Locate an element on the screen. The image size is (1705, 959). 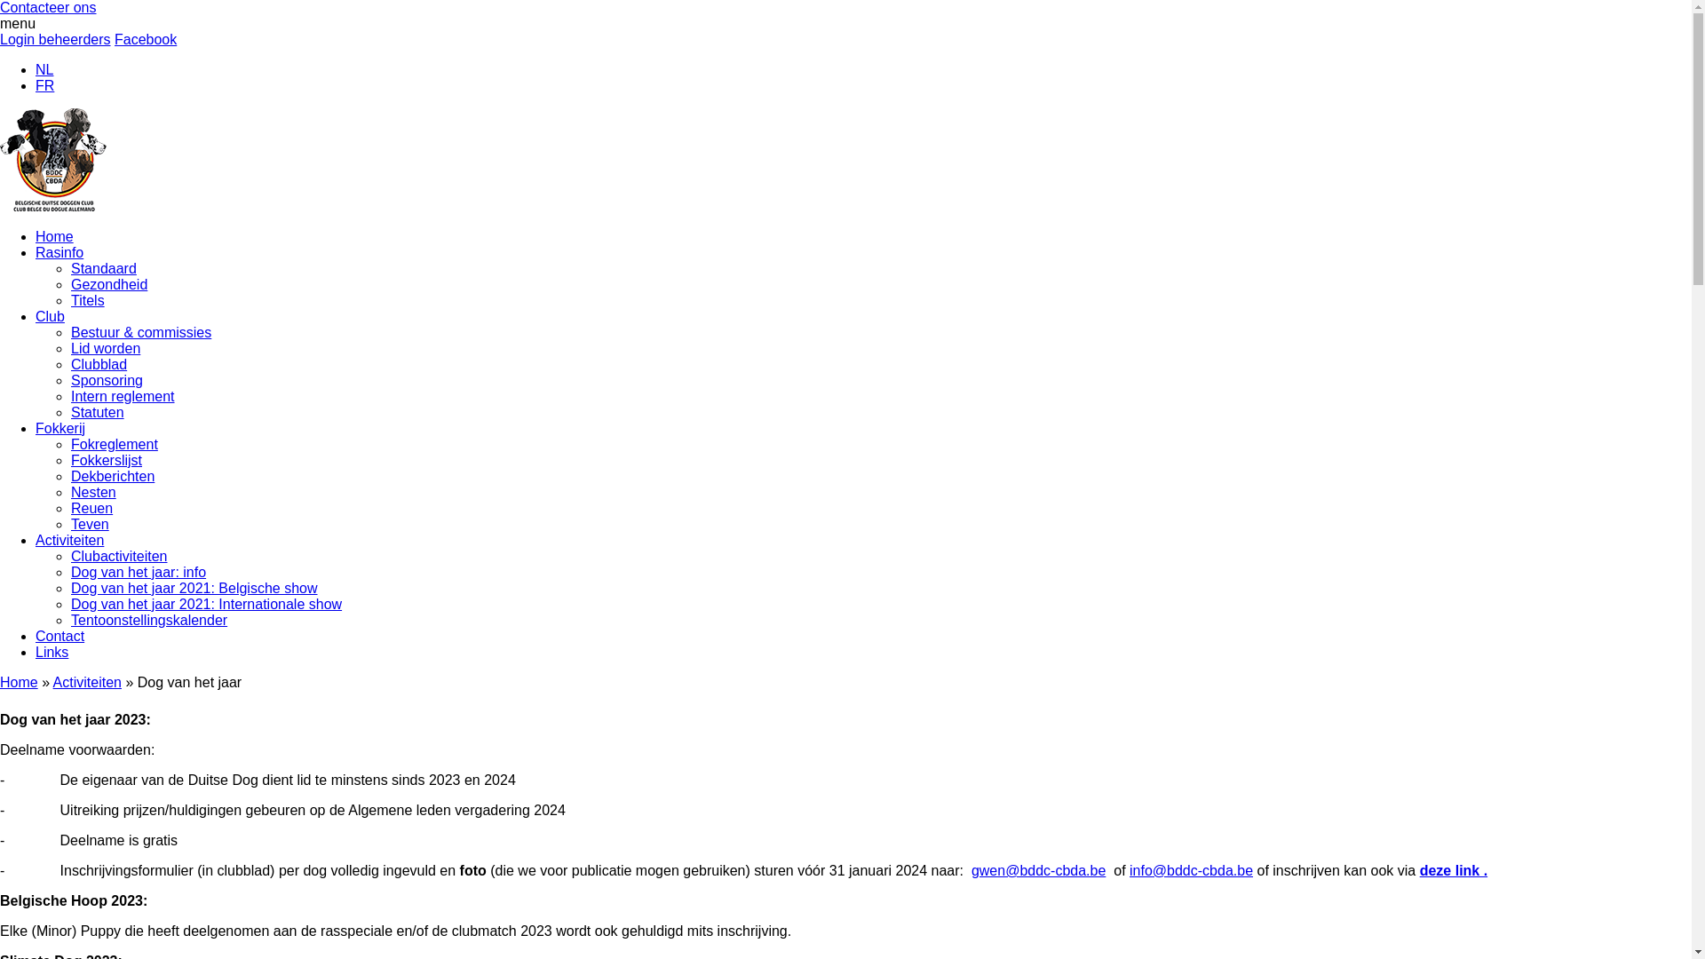
'Statuten' is located at coordinates (71, 412).